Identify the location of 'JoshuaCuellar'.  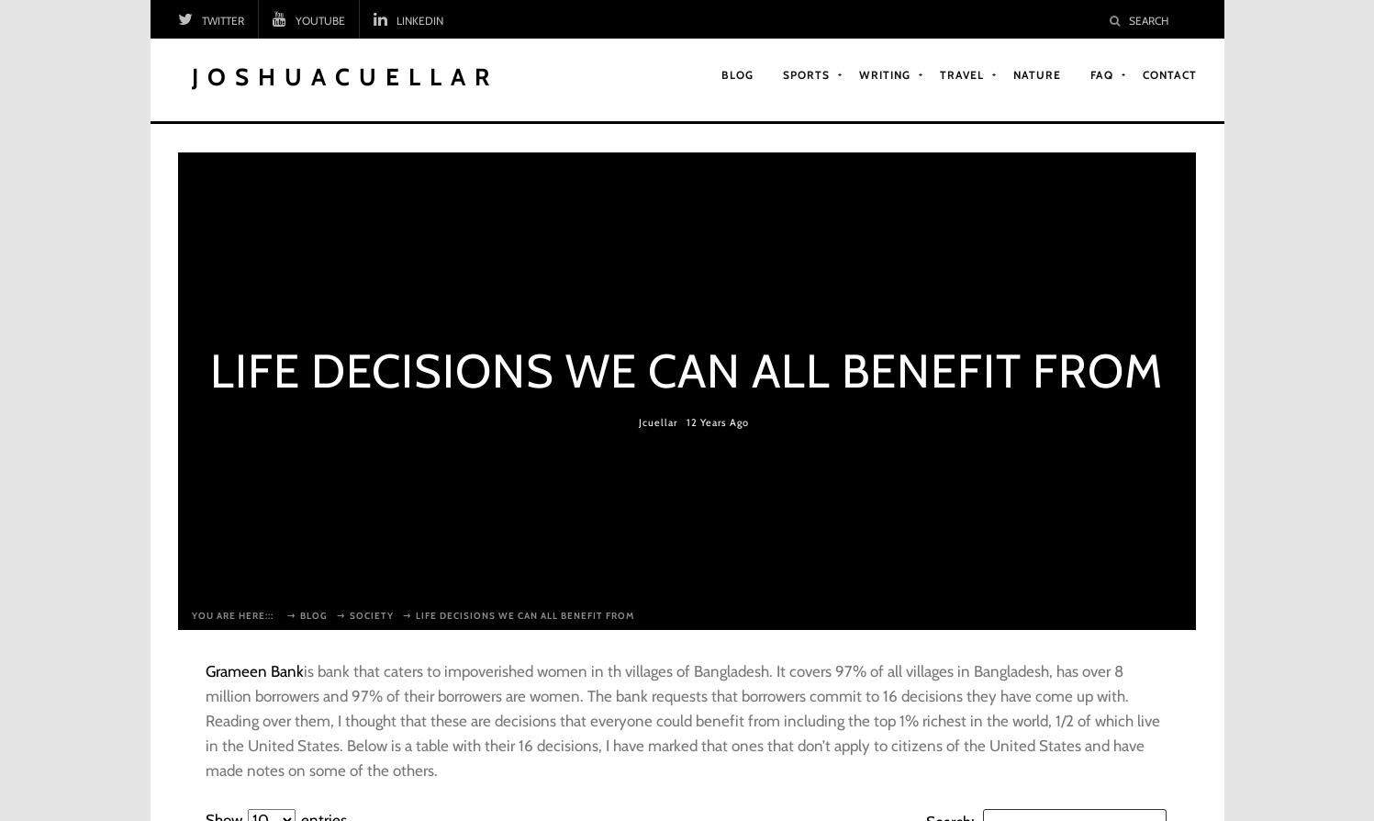
(342, 77).